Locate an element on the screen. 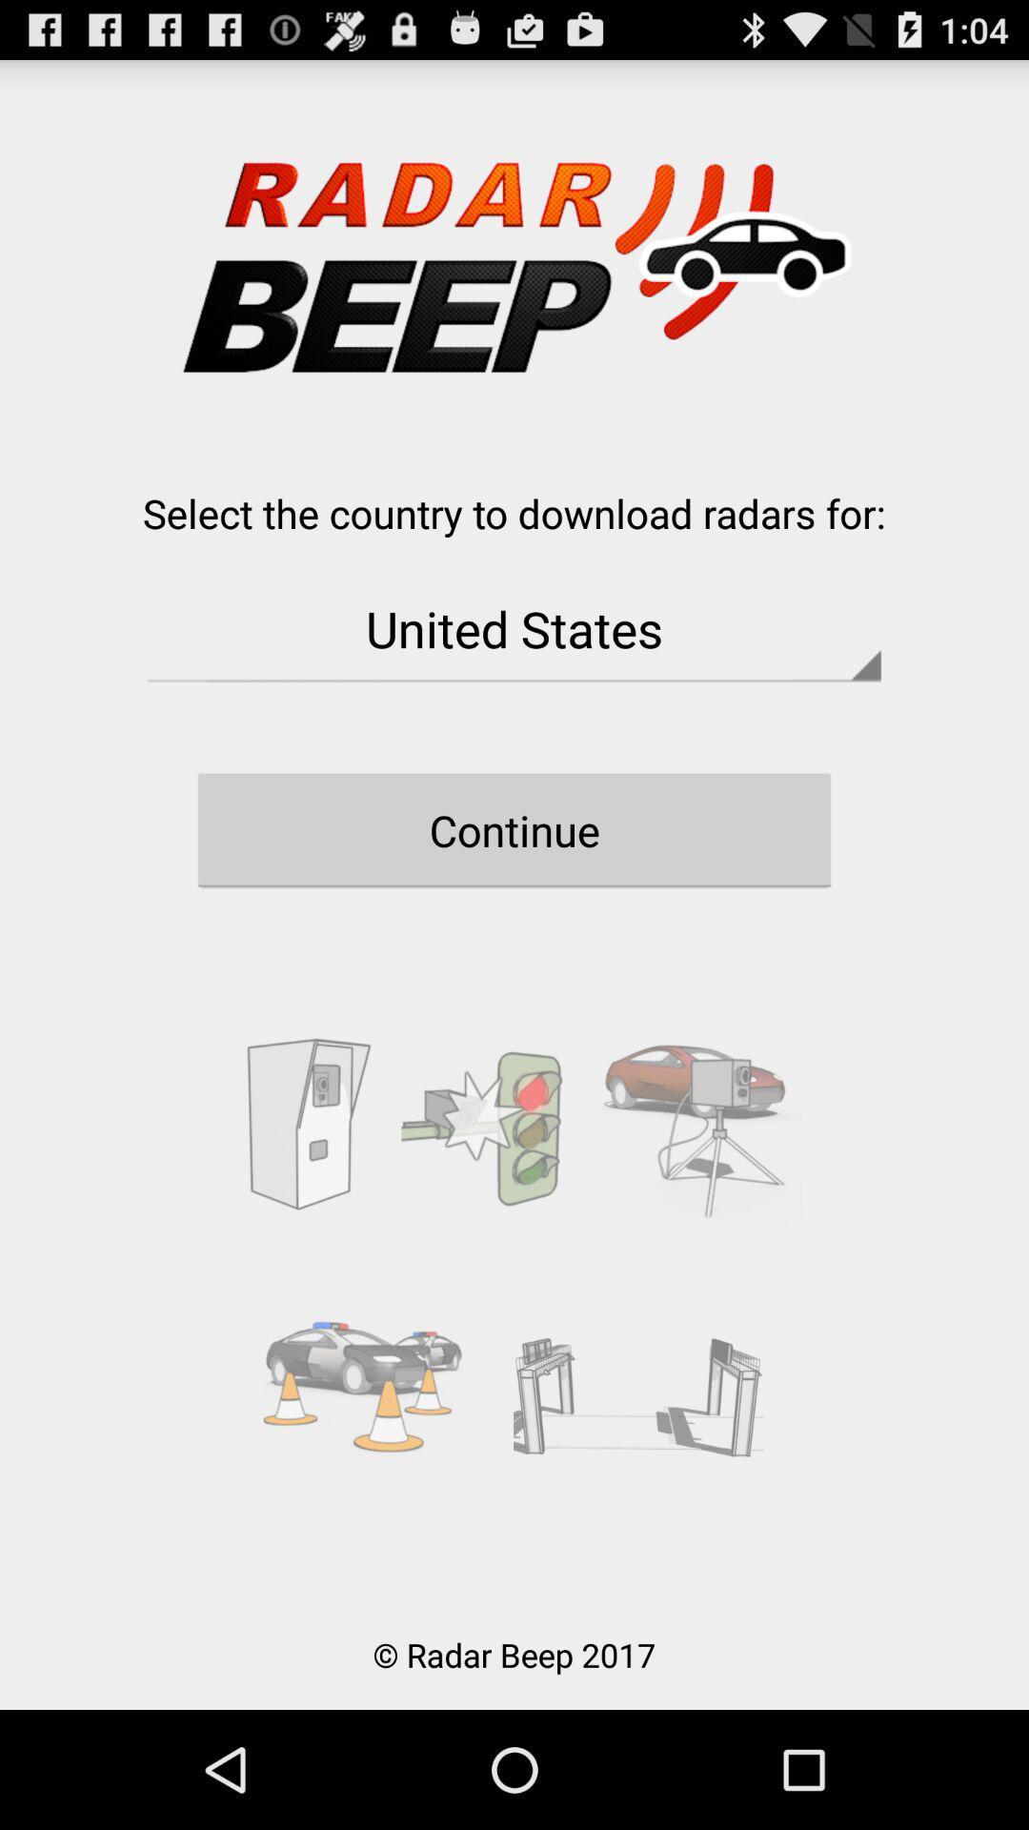  the icon below select the country icon is located at coordinates (514, 628).